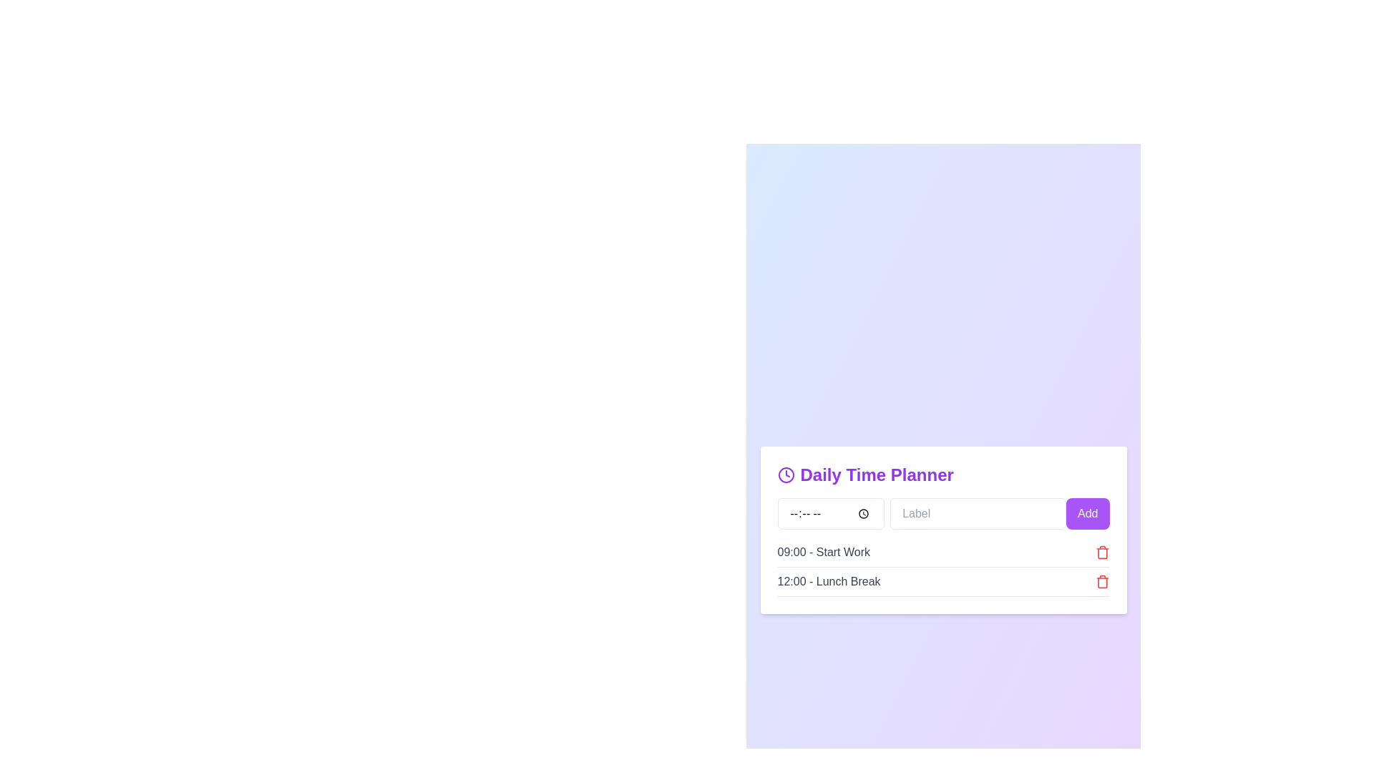 The image size is (1374, 773). What do you see at coordinates (1101, 551) in the screenshot?
I see `the delete button located at the far right edge of the second row in the planner, which corresponds to the '09:00 - Start Work' entry` at bounding box center [1101, 551].